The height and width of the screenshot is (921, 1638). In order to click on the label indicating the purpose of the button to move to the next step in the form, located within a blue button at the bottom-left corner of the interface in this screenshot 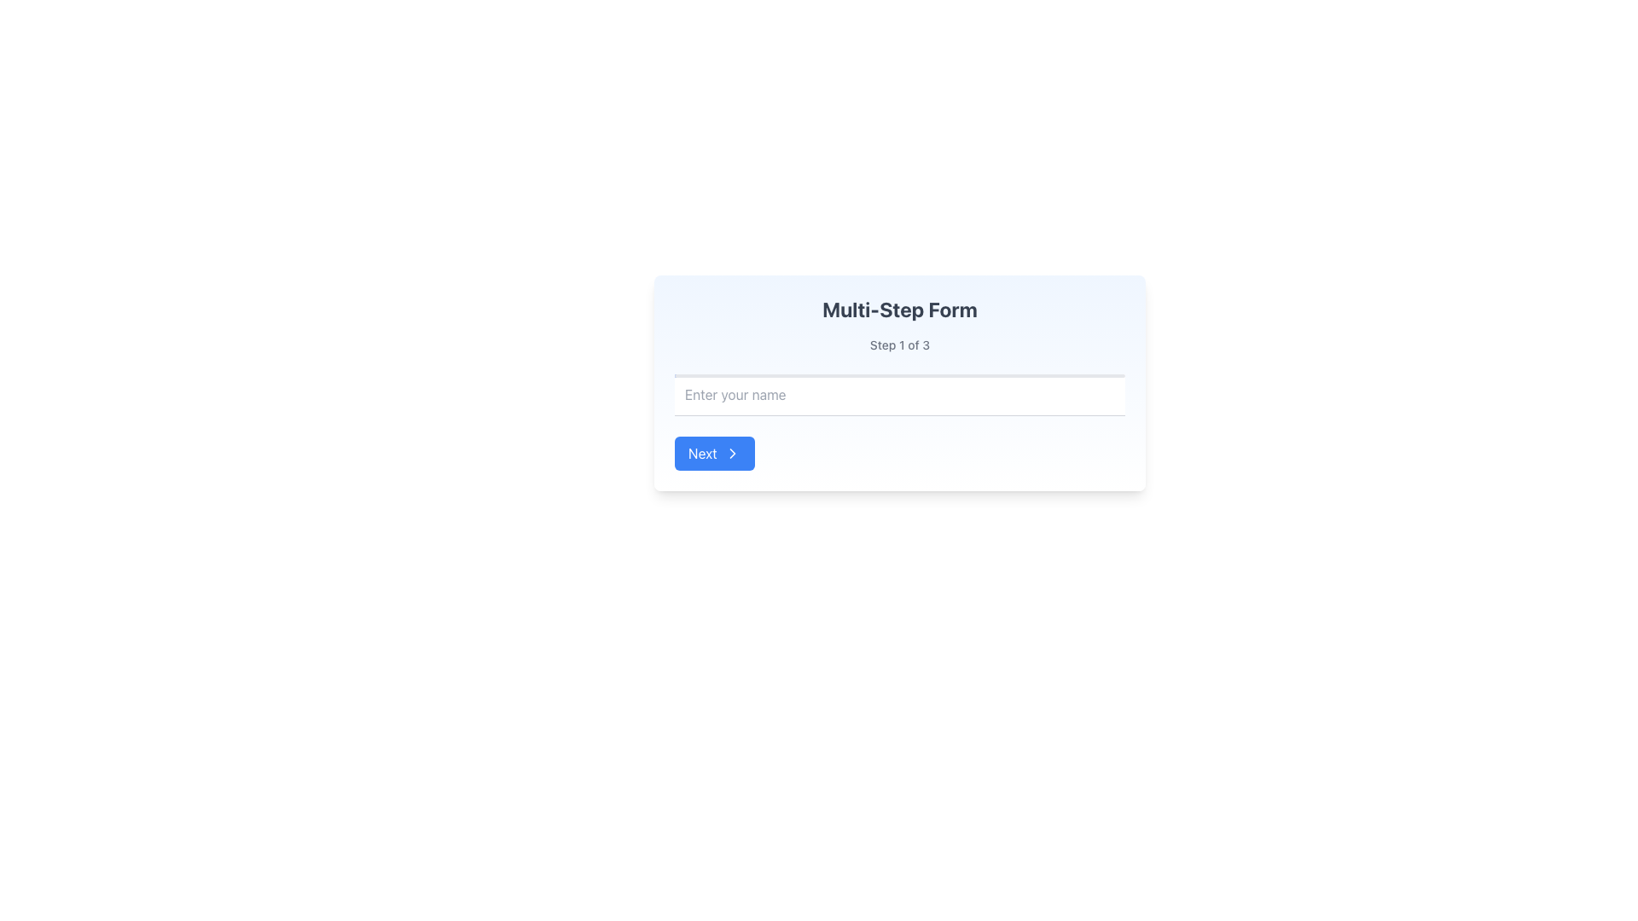, I will do `click(702, 453)`.